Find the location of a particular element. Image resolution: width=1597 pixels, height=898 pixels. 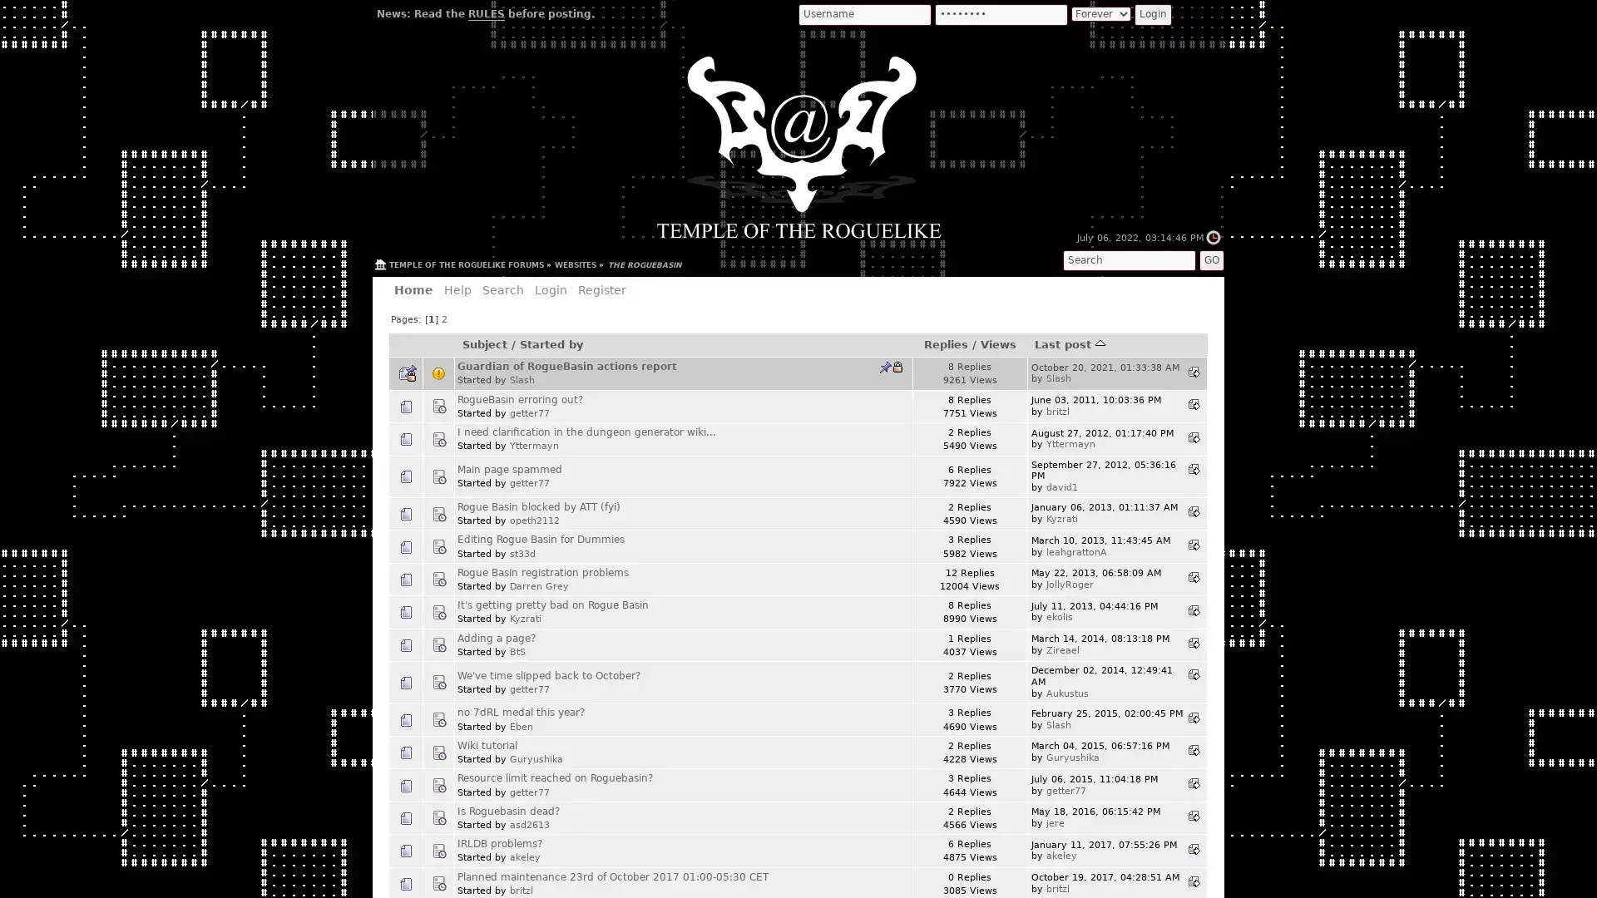

Login is located at coordinates (1152, 14).